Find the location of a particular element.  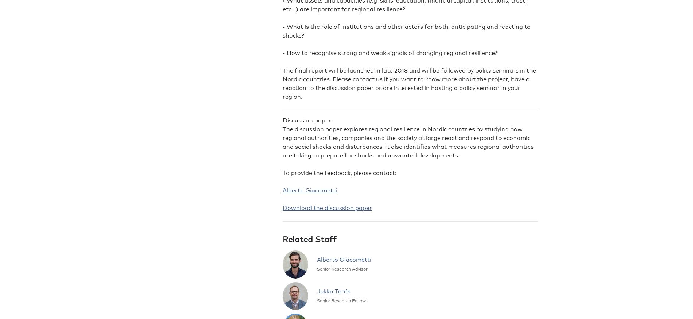

'Related Staff' is located at coordinates (309, 239).